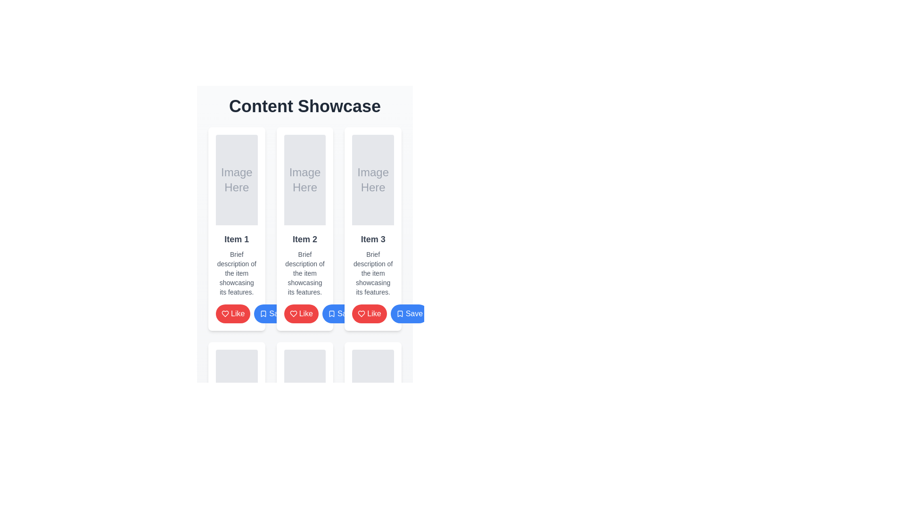  I want to click on the text label displaying 'Image Here' which is styled in gray color and located at the top section of the first card in a horizontally aligned list of cards, directly above 'Item 1', so click(237, 180).